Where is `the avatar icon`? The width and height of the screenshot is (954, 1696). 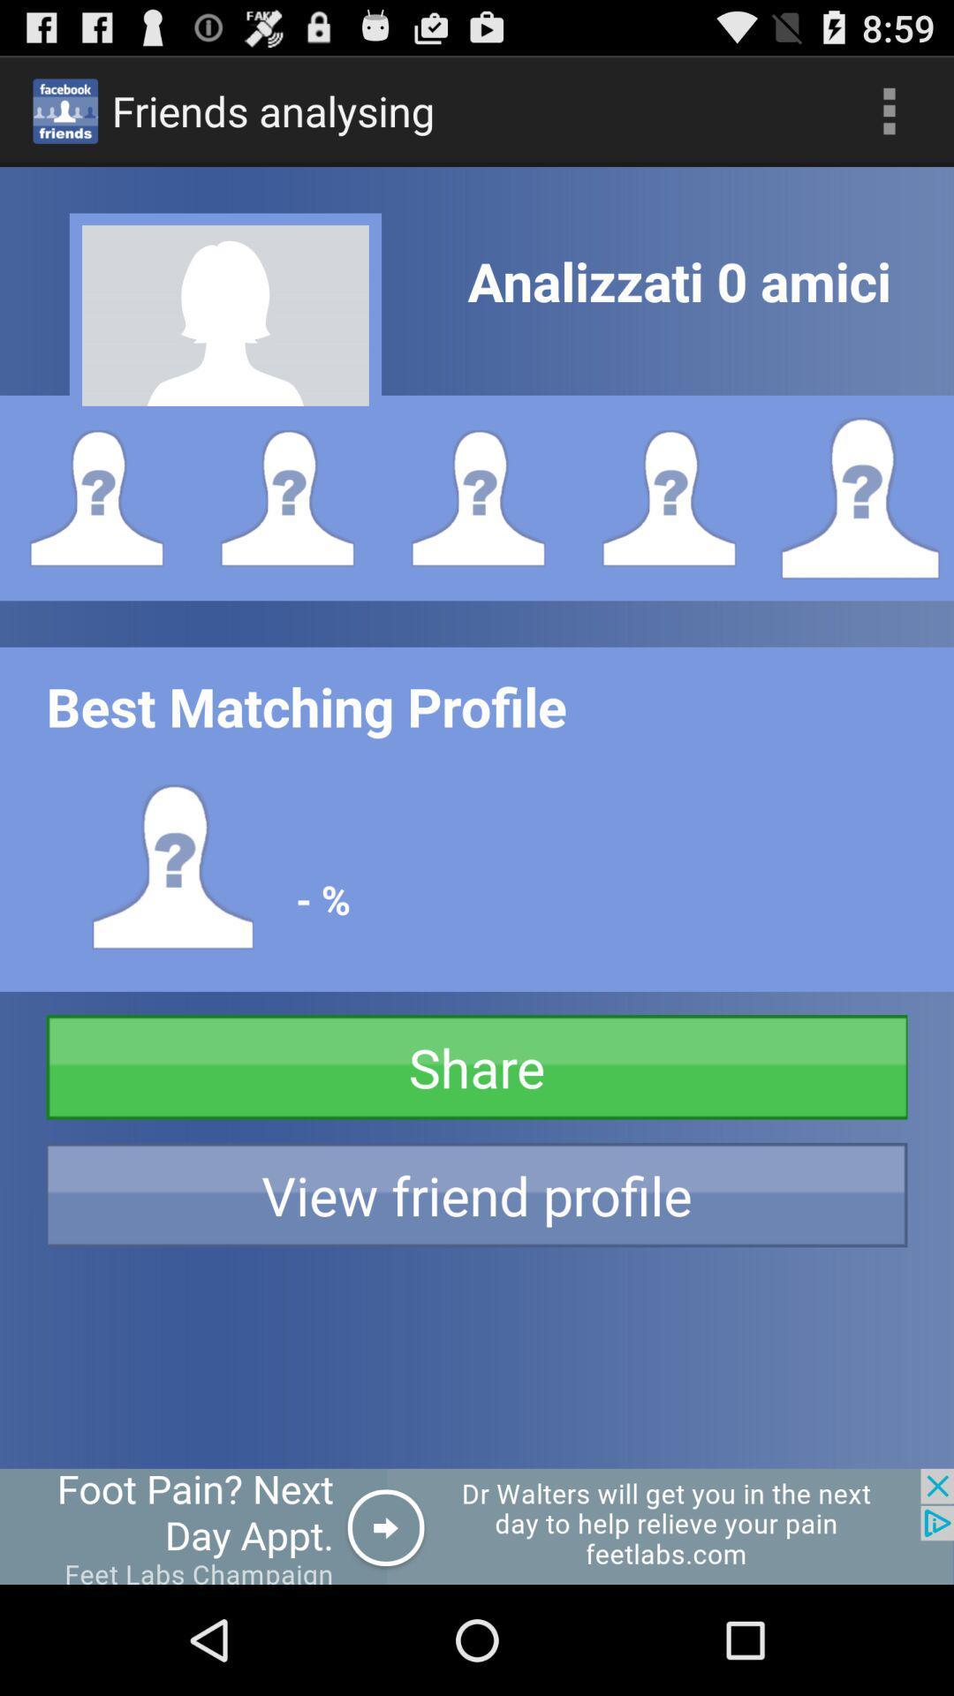 the avatar icon is located at coordinates (858, 532).